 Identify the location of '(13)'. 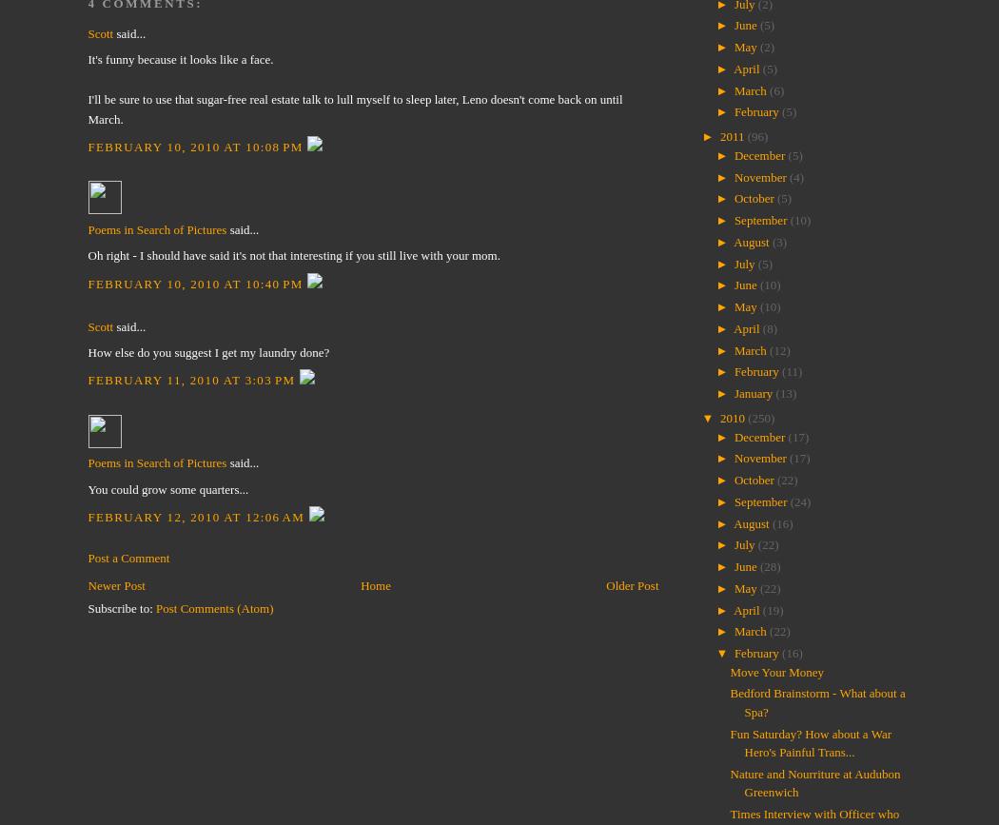
(786, 393).